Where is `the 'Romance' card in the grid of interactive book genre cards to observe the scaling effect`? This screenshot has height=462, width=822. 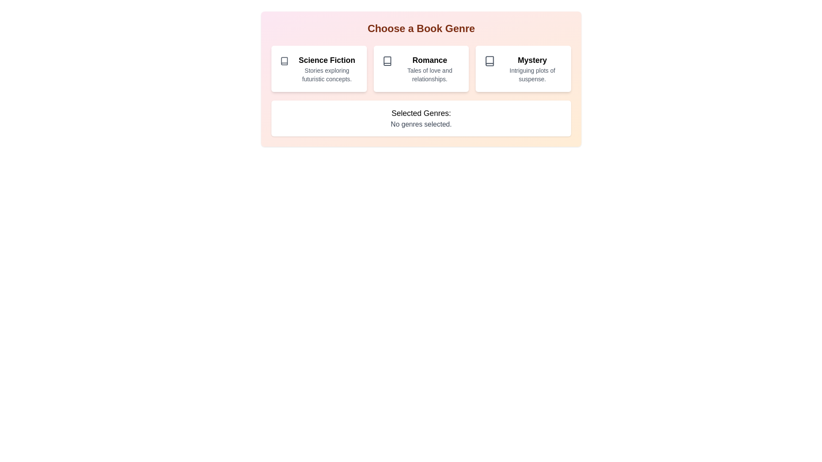 the 'Romance' card in the grid of interactive book genre cards to observe the scaling effect is located at coordinates (421, 68).